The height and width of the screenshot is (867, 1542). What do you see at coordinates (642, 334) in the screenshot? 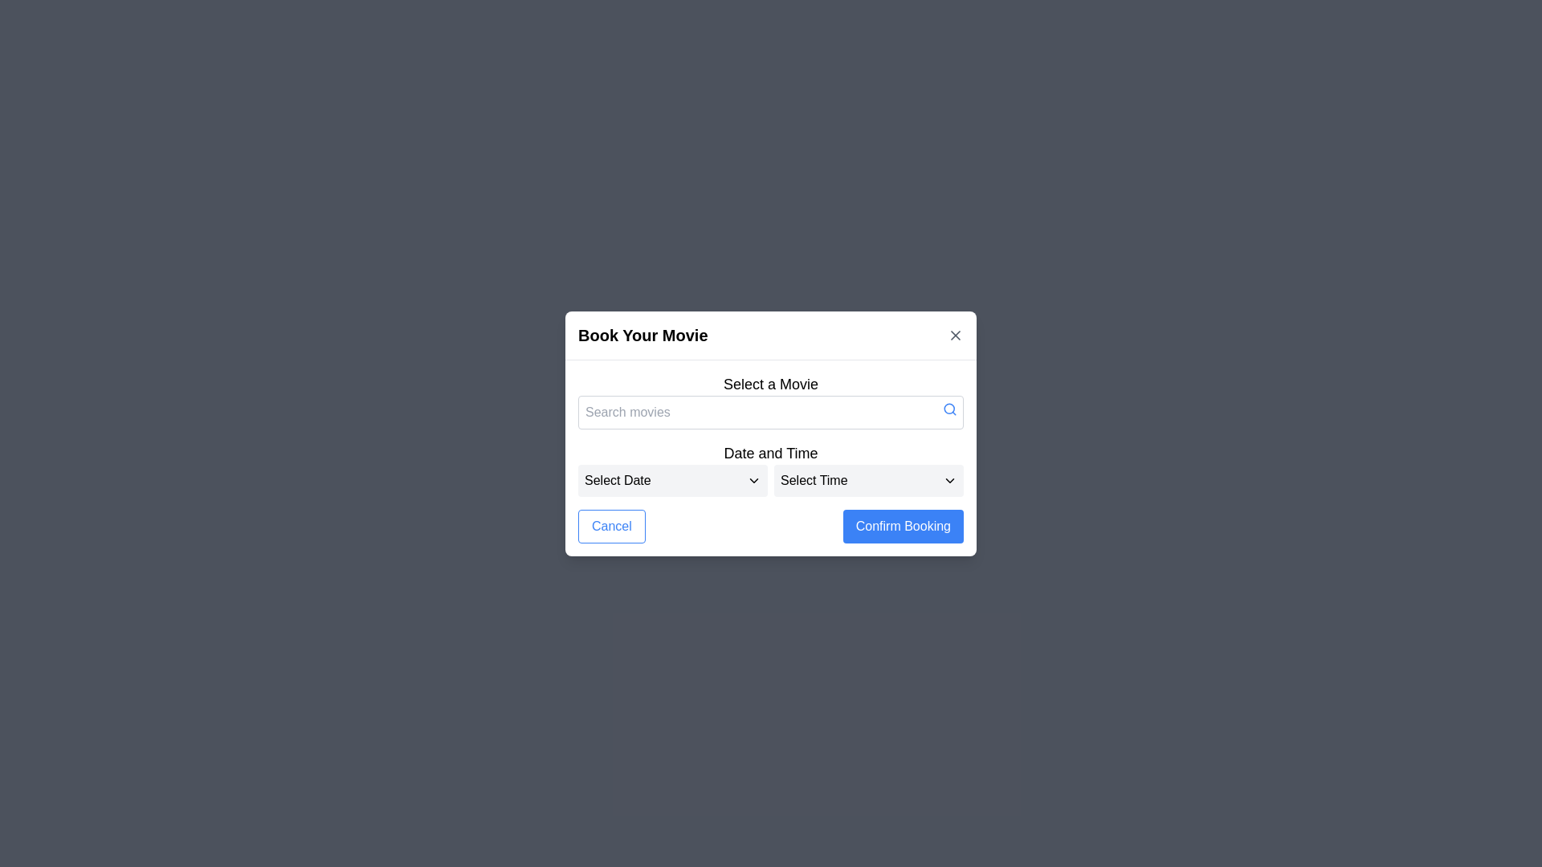
I see `the Text Label that serves as the title for the modal dialog related to booking a movie` at bounding box center [642, 334].